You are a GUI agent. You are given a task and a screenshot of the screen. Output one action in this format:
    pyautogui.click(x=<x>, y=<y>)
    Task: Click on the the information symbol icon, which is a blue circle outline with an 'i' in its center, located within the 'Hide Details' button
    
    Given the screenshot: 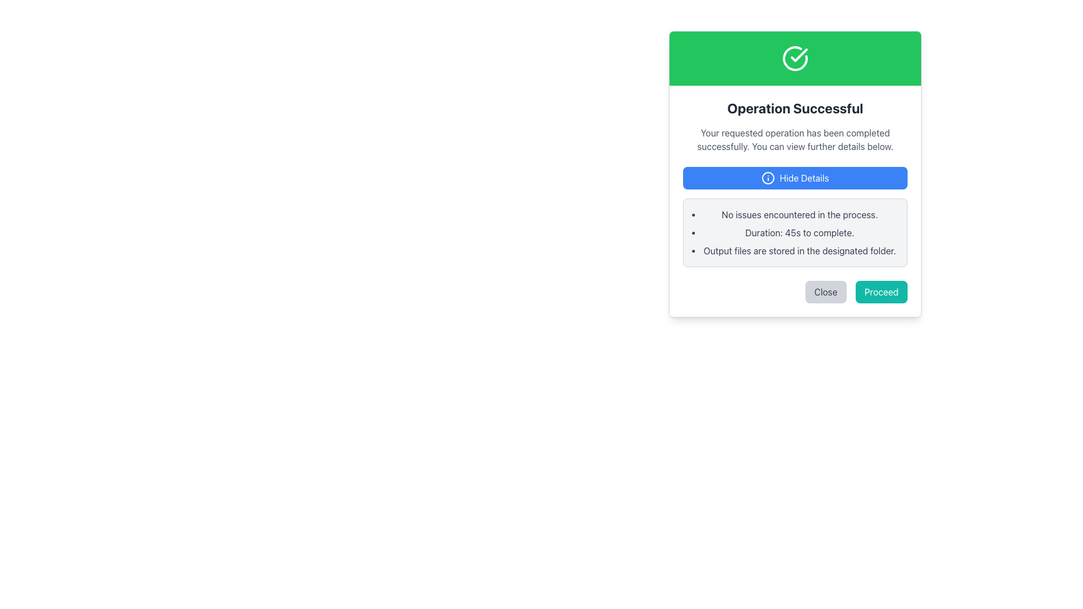 What is the action you would take?
    pyautogui.click(x=768, y=178)
    